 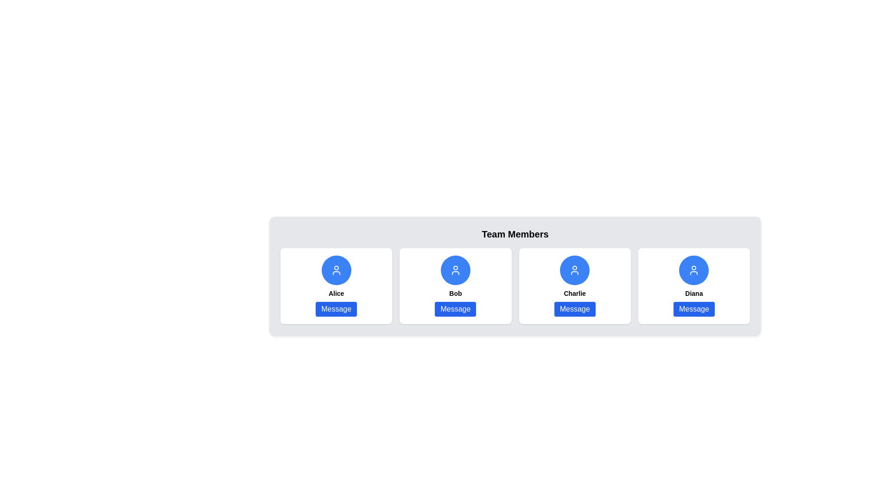 I want to click on the user profile icon button representing 'Bob' located at the top center of the card with a 'Message' button, so click(x=455, y=270).